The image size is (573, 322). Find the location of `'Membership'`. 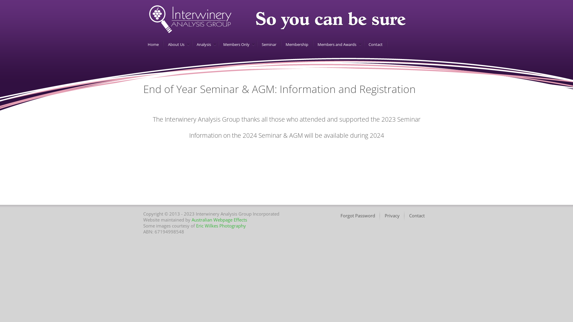

'Membership' is located at coordinates (296, 44).